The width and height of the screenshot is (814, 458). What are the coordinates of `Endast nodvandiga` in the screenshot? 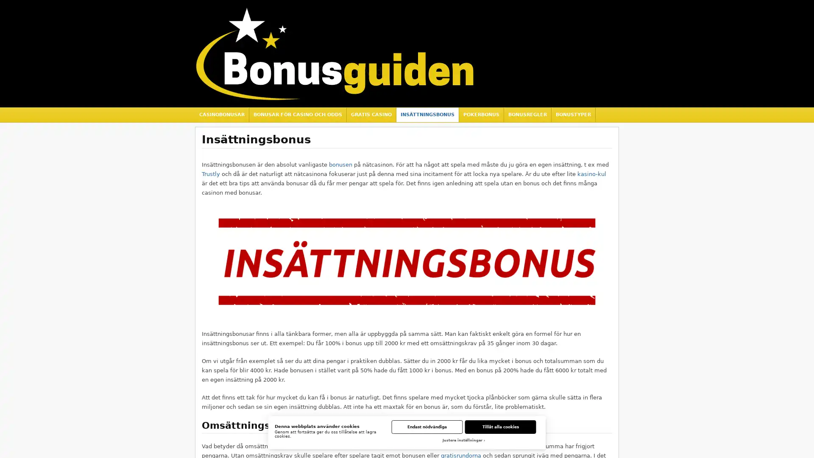 It's located at (427, 427).